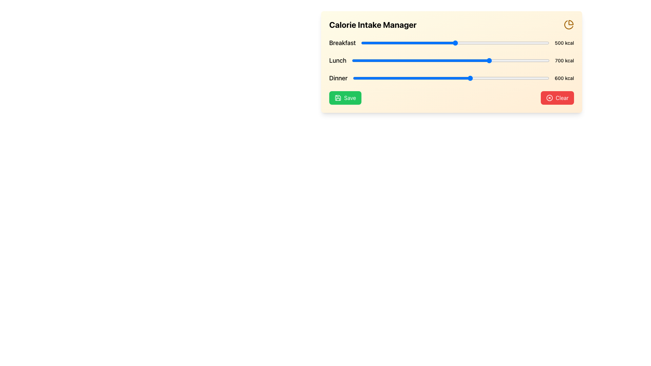  Describe the element at coordinates (565, 60) in the screenshot. I see `the static text label displaying the numeric value of 700 kcal associated with the 'Lunch' section, which is located to the far right of the 'Lunch' label and the horizontal slider, aligned with the 'Lunch' section` at that location.